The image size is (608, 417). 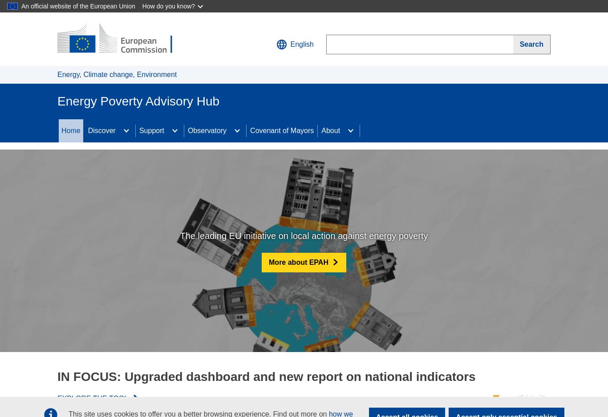 What do you see at coordinates (117, 171) in the screenshot?
I see `'EPAH publications'` at bounding box center [117, 171].